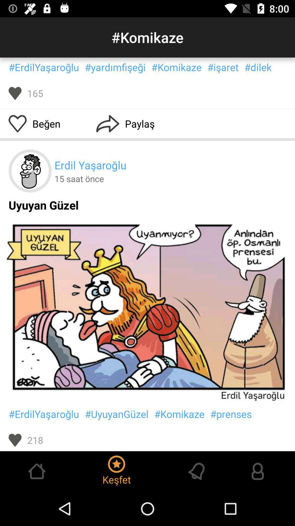 This screenshot has height=526, width=295. Describe the element at coordinates (231, 414) in the screenshot. I see `the #prenses icon` at that location.